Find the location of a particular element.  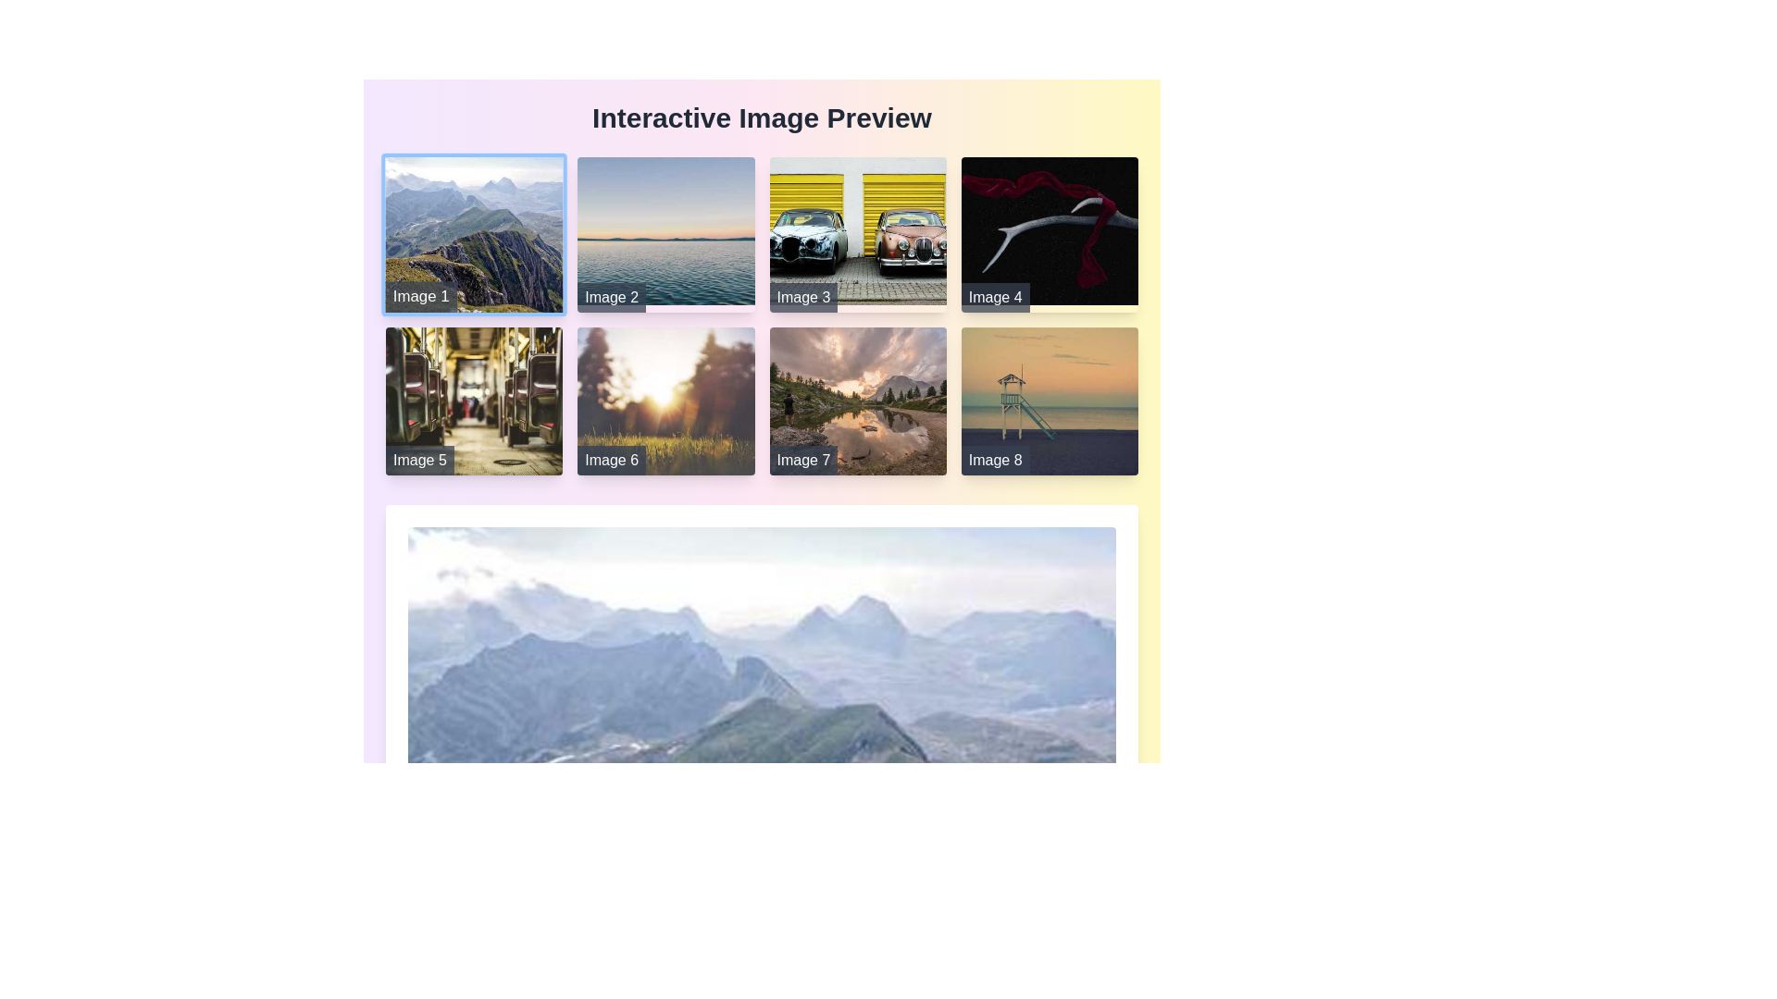

the bottom text label overlay in the 'Image 8' card, which provides descriptive information about the associated image is located at coordinates (994, 459).